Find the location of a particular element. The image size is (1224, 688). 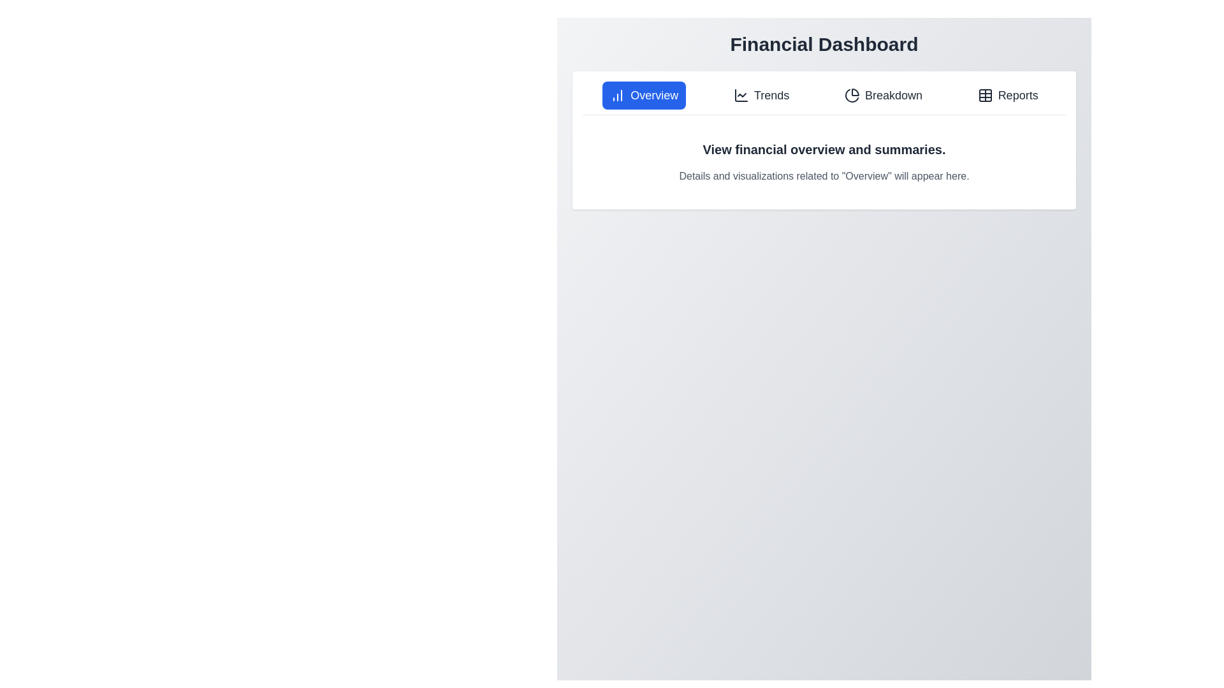

the Breakdown tab to view its content is located at coordinates (883, 95).